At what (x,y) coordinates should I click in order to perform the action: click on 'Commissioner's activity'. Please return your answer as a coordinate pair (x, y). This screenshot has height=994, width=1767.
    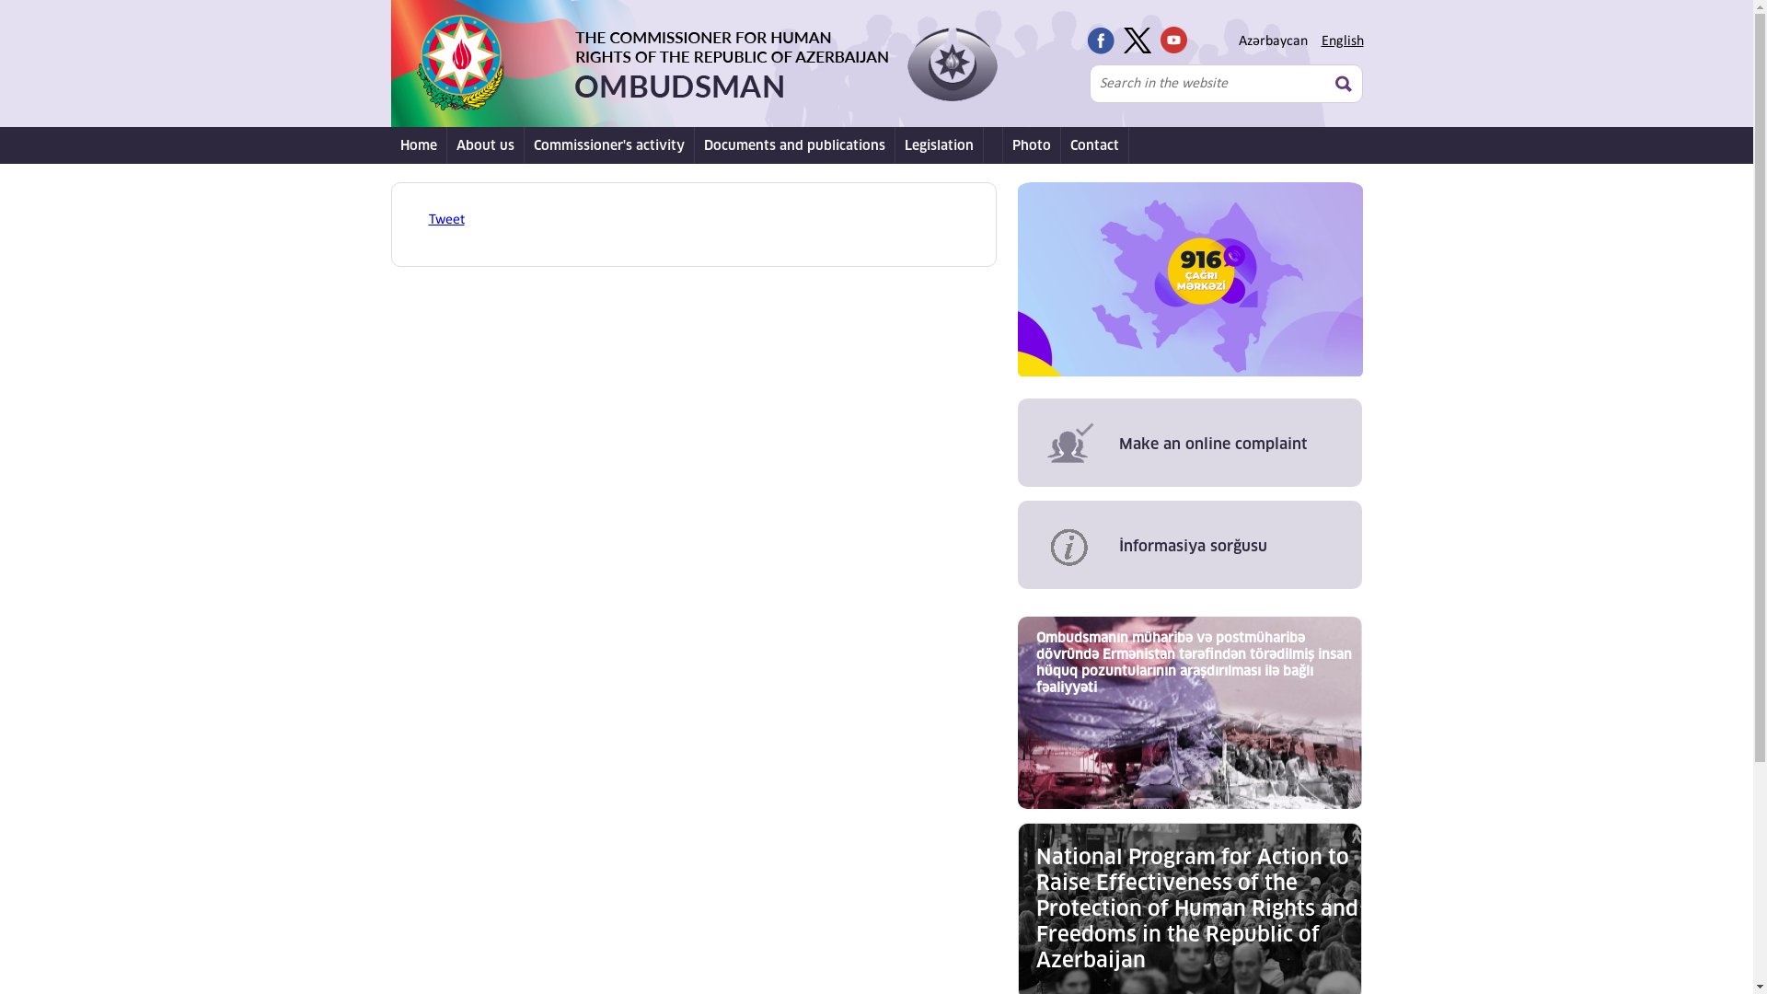
    Looking at the image, I should click on (609, 144).